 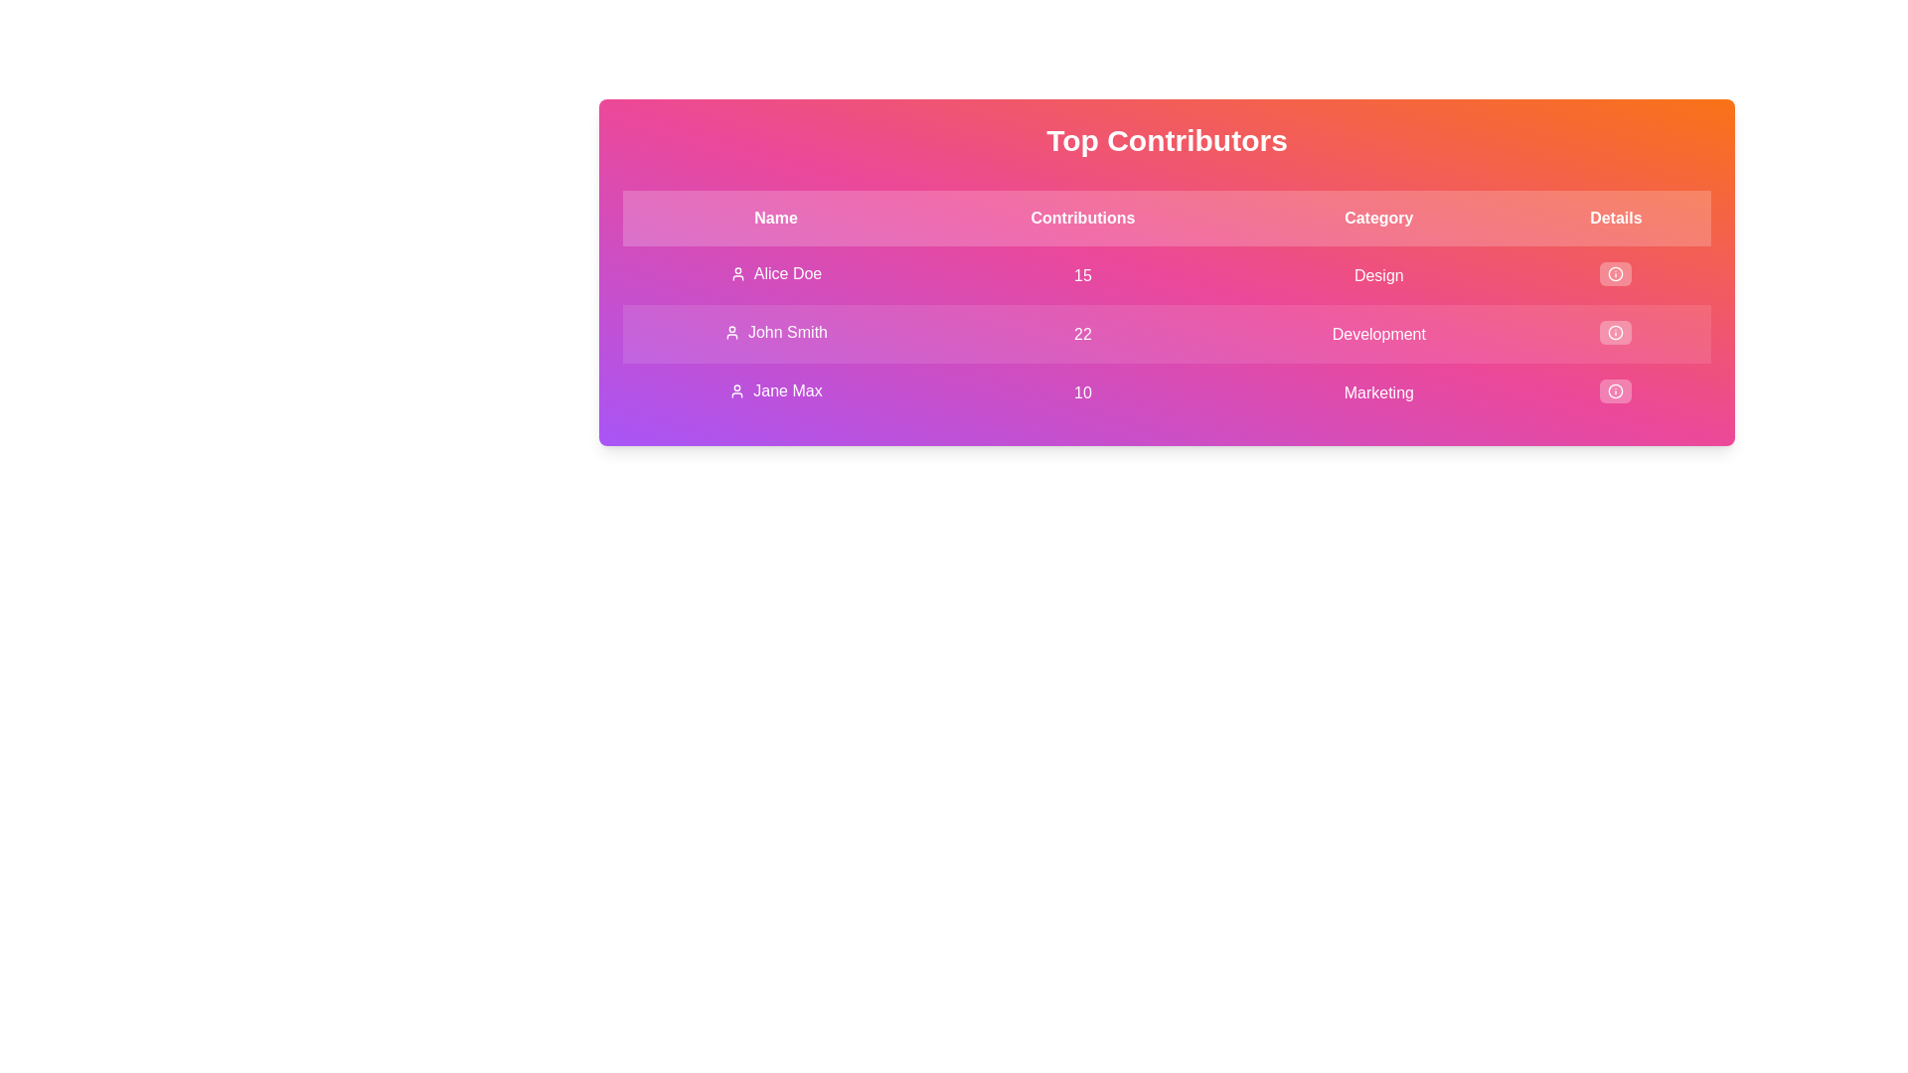 I want to click on the center-aligned bold label displaying the text 'Name' in the header row of the table, so click(x=775, y=218).